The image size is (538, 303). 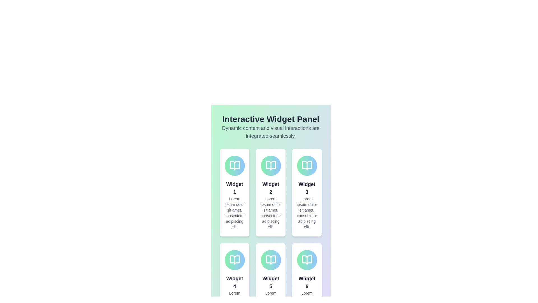 What do you see at coordinates (271, 165) in the screenshot?
I see `the circular icon with a gradient background and a white book icon in the center, located at the center top of the 'Widget 2' card` at bounding box center [271, 165].